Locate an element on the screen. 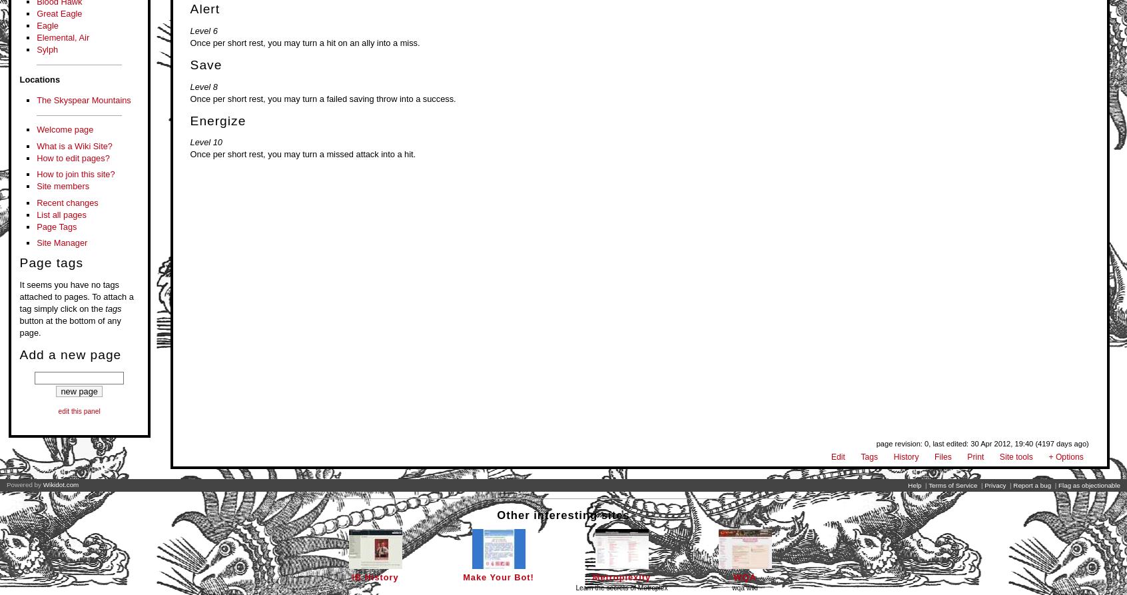 The width and height of the screenshot is (1127, 595). 'Welcome page' is located at coordinates (65, 129).